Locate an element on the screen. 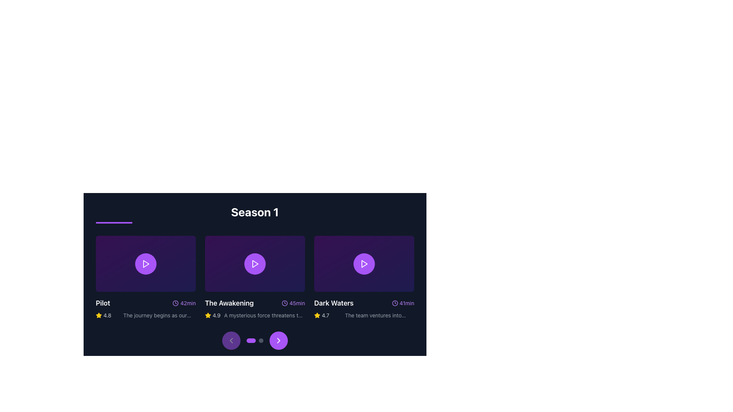  numerical rating displayed in the text label located in the bottom row of the 'Dark Waters' card, positioned to the left of the descriptive text and to the right of the star icon is located at coordinates (321, 315).